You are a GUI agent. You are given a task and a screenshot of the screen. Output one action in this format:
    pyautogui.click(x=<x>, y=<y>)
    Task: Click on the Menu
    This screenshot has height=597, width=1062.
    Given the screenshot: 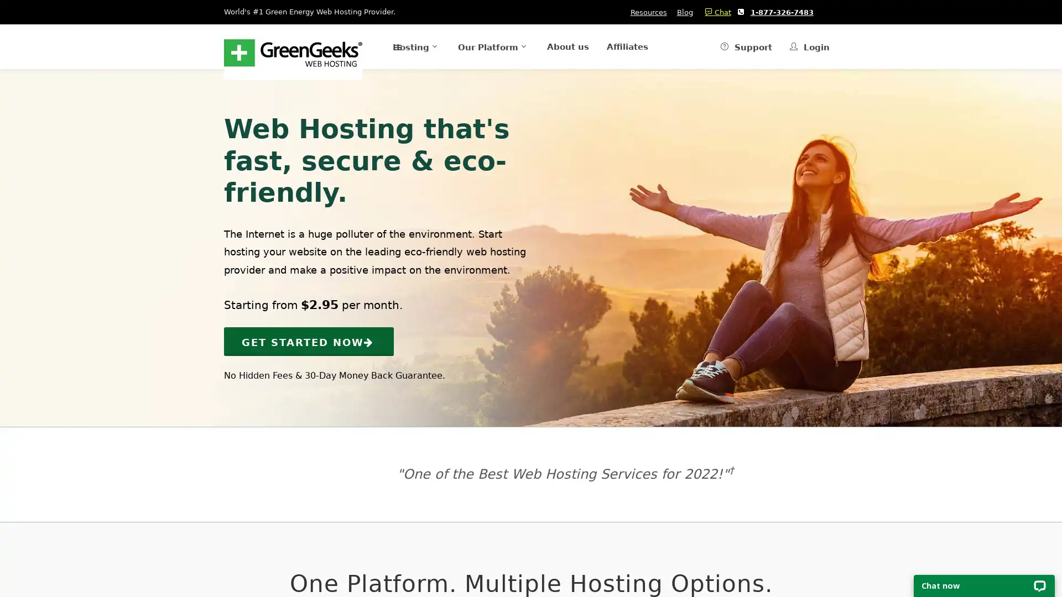 What is the action you would take?
    pyautogui.click(x=371, y=46)
    